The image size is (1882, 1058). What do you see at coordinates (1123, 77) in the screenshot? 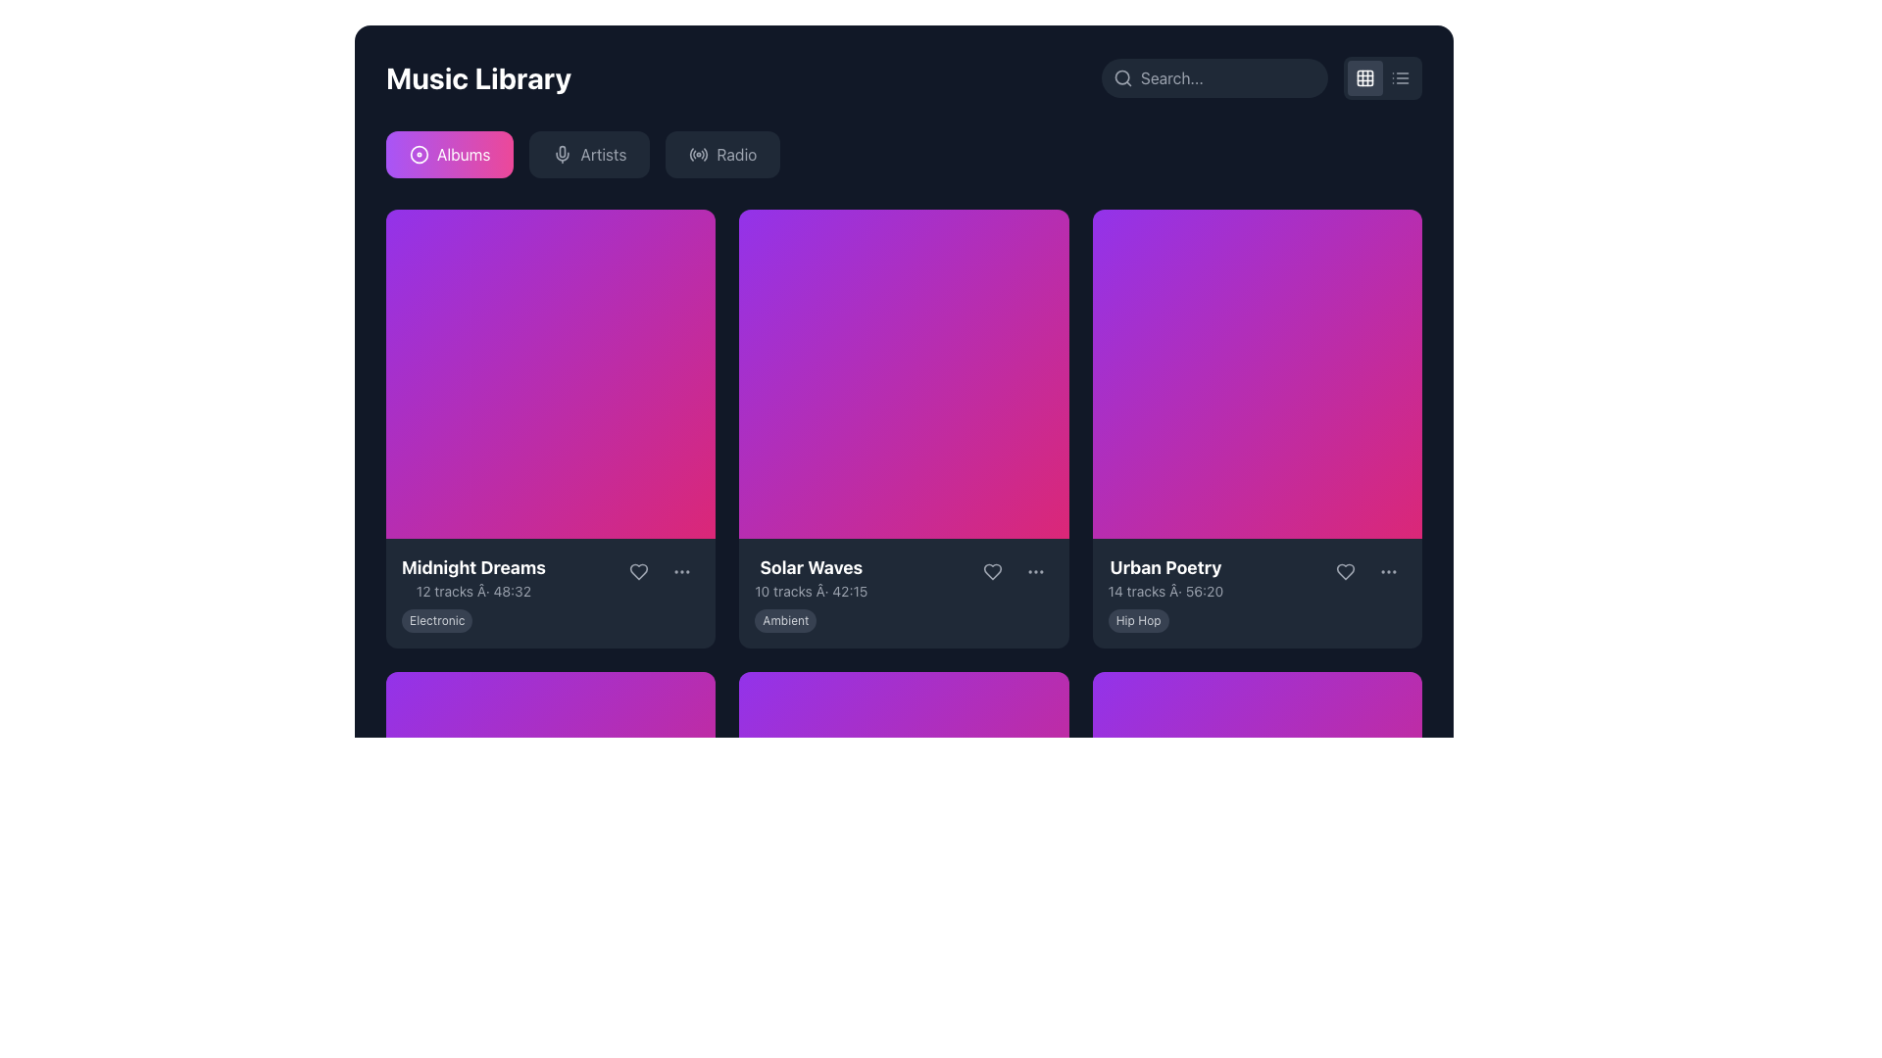
I see `the search icon located at the top-right corner of the application interface, which visually represents the search feature and precedes the text input field` at bounding box center [1123, 77].